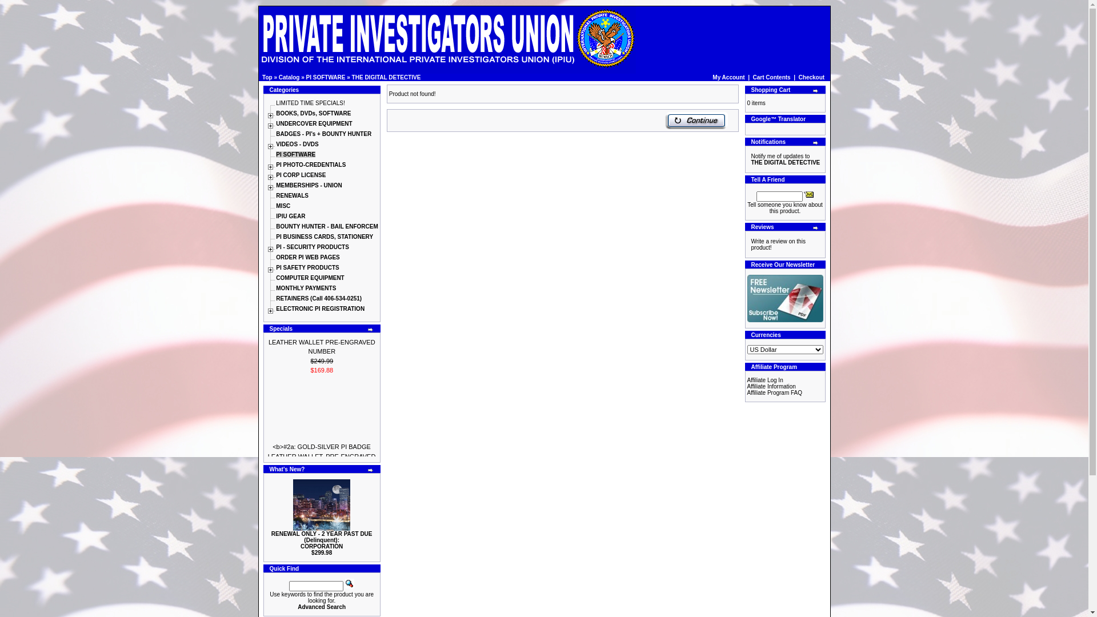 The image size is (1097, 617). Describe the element at coordinates (267, 77) in the screenshot. I see `'Top'` at that location.